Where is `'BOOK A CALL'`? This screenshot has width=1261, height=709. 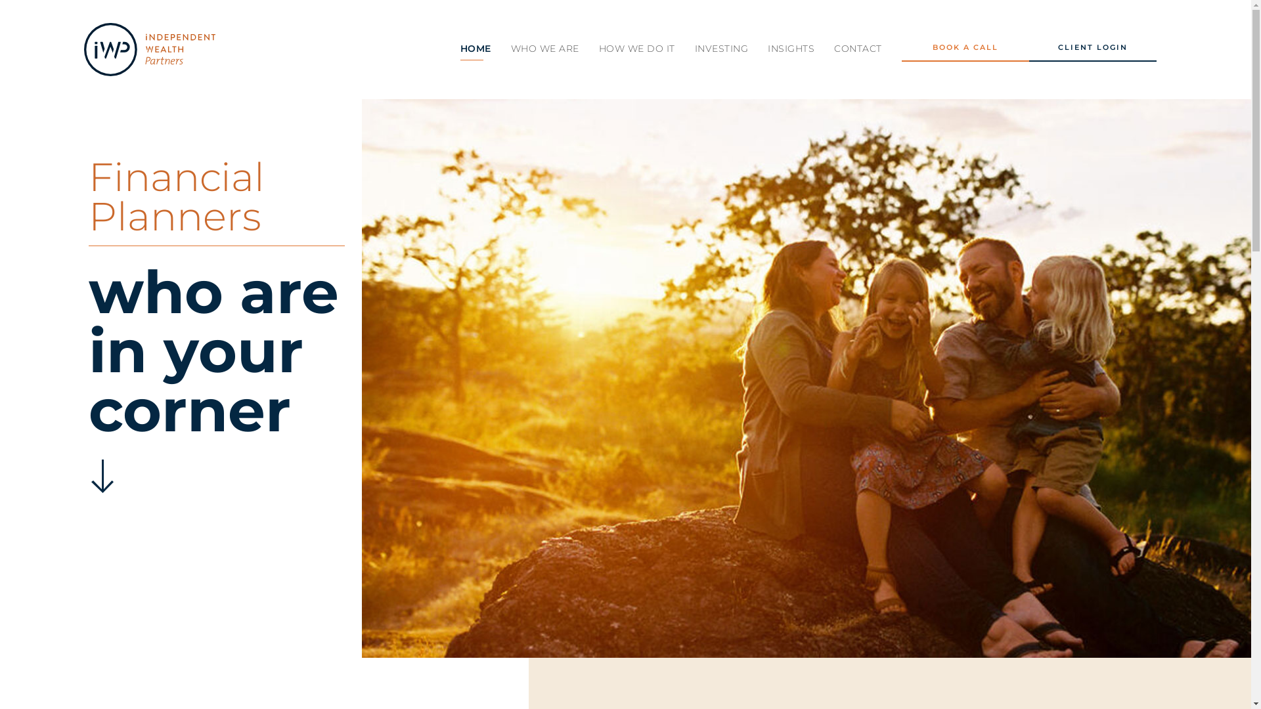 'BOOK A CALL' is located at coordinates (965, 50).